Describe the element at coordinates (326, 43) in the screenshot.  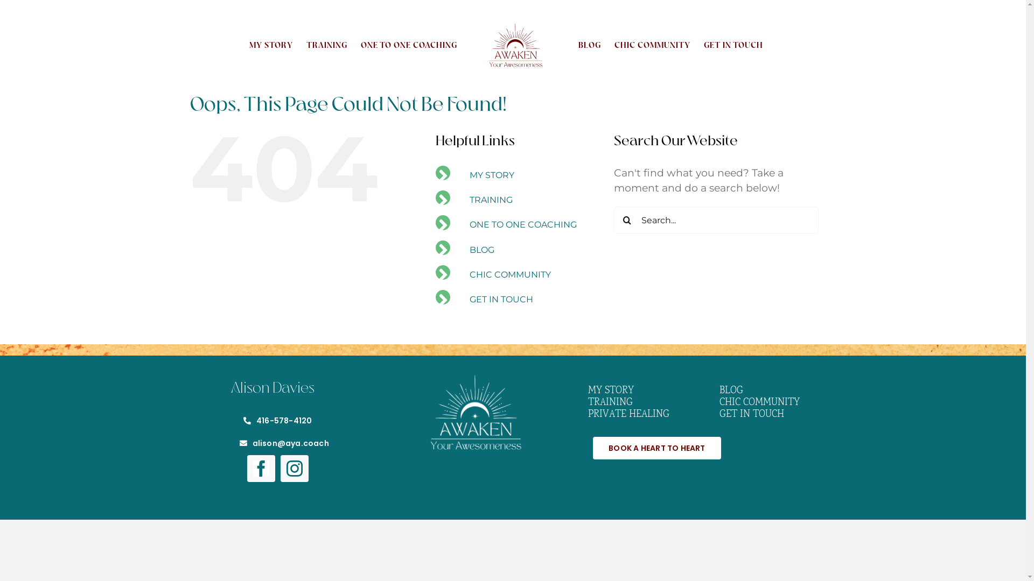
I see `'TRAINING'` at that location.